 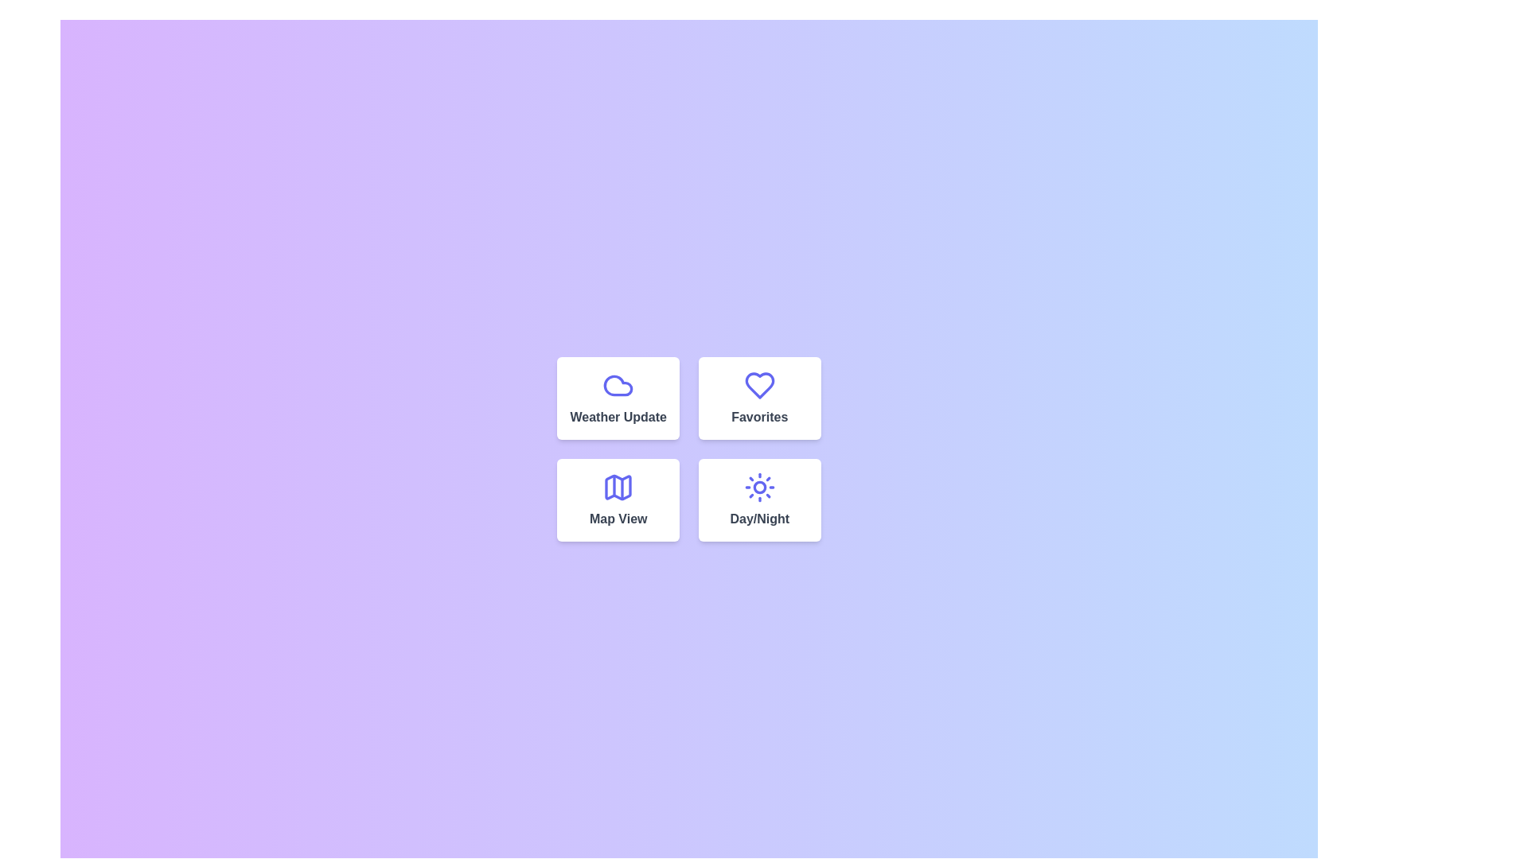 What do you see at coordinates (758, 386) in the screenshot?
I see `the 'Favorites' icon represented by a heart shape, which is located in the top right quadrant of a 2x2 layout of icons` at bounding box center [758, 386].